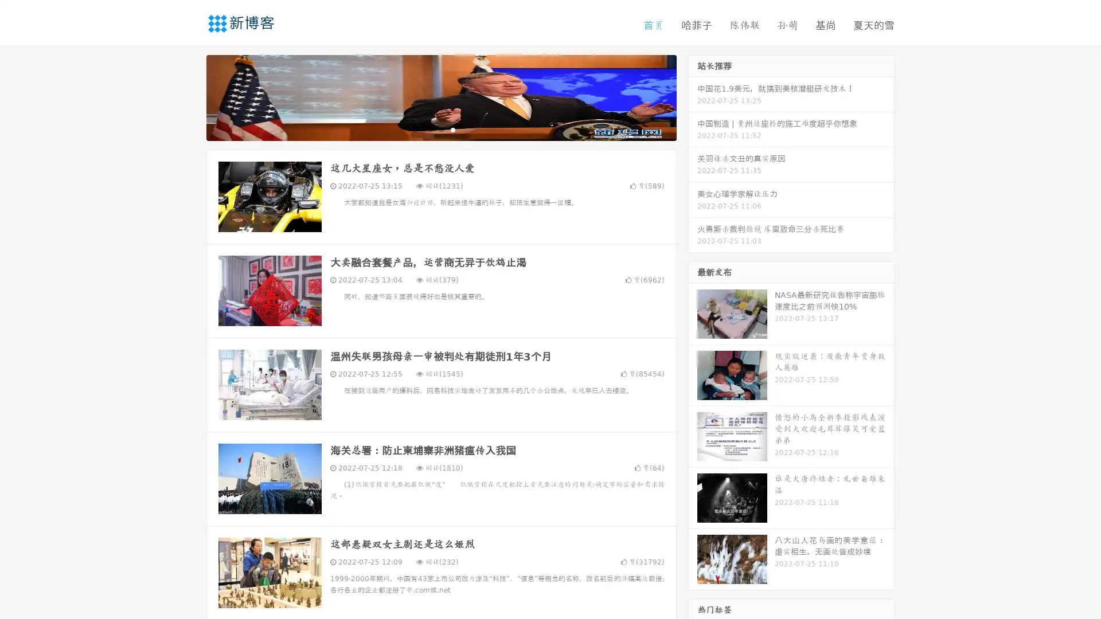 The height and width of the screenshot is (619, 1101). I want to click on Next slide, so click(693, 96).